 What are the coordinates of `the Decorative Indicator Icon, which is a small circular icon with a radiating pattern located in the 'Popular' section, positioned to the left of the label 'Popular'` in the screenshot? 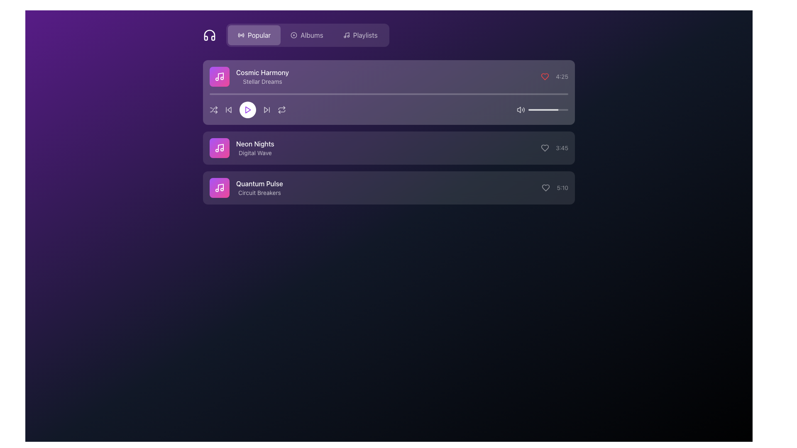 It's located at (240, 34).